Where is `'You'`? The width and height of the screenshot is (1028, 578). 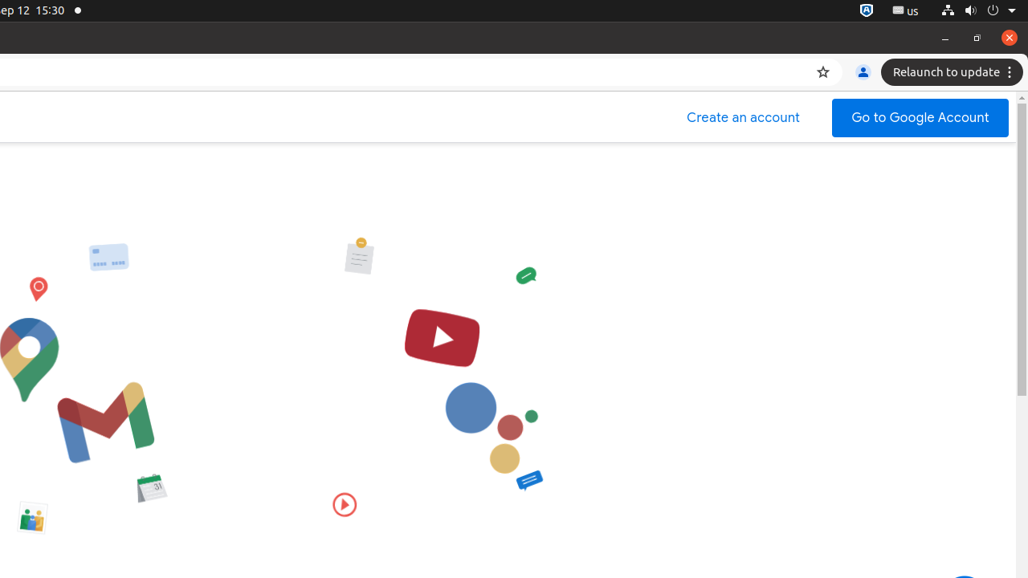 'You' is located at coordinates (862, 72).